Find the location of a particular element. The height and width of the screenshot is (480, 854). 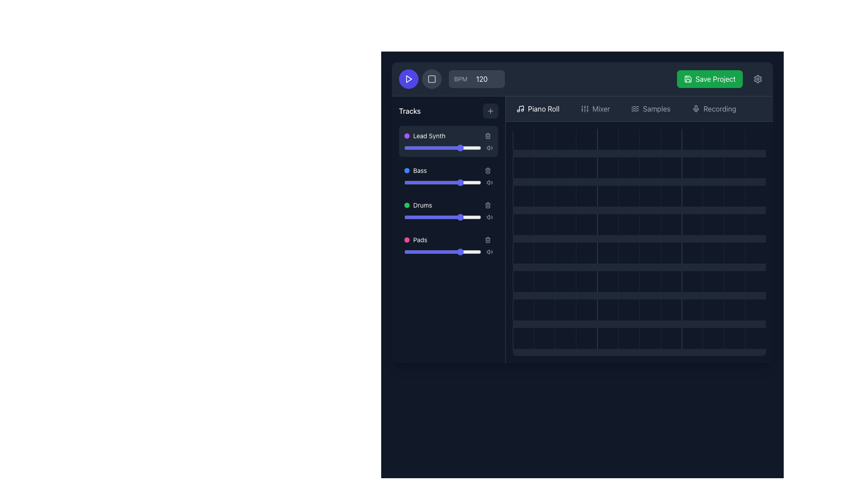

the gray square Grid Cell located in the 10th column of the 5th row is located at coordinates (713, 253).